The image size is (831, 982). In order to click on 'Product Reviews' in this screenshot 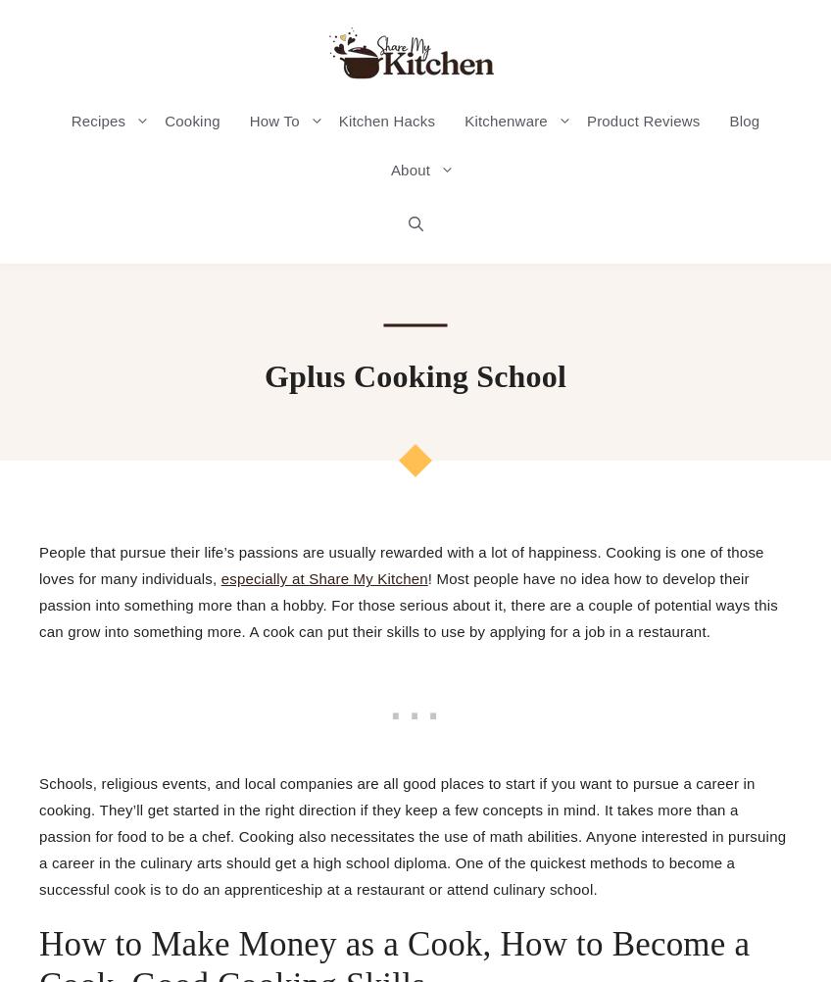, I will do `click(642, 120)`.